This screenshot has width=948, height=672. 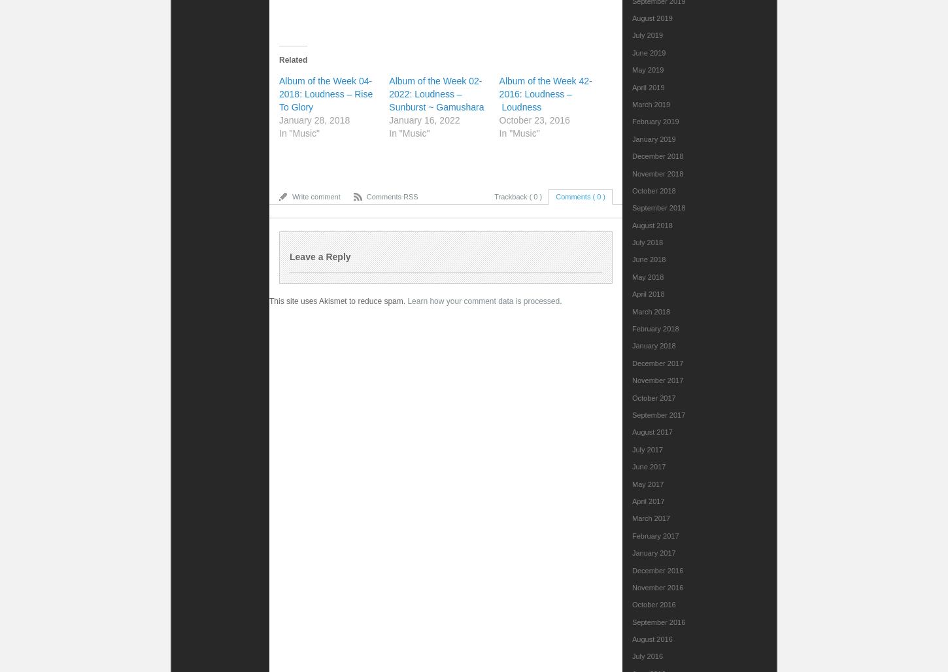 I want to click on 'August 2018', so click(x=652, y=224).